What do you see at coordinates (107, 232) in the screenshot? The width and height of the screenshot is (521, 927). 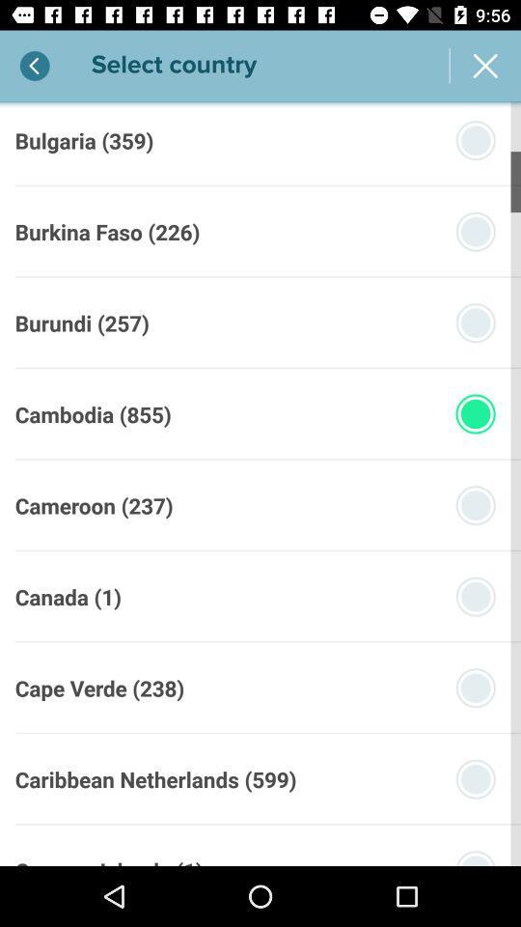 I see `burkina faso (226) item` at bounding box center [107, 232].